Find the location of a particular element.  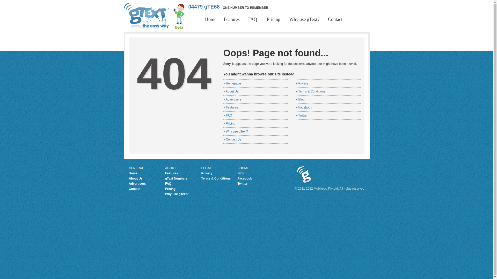

'Features' is located at coordinates (221, 19).